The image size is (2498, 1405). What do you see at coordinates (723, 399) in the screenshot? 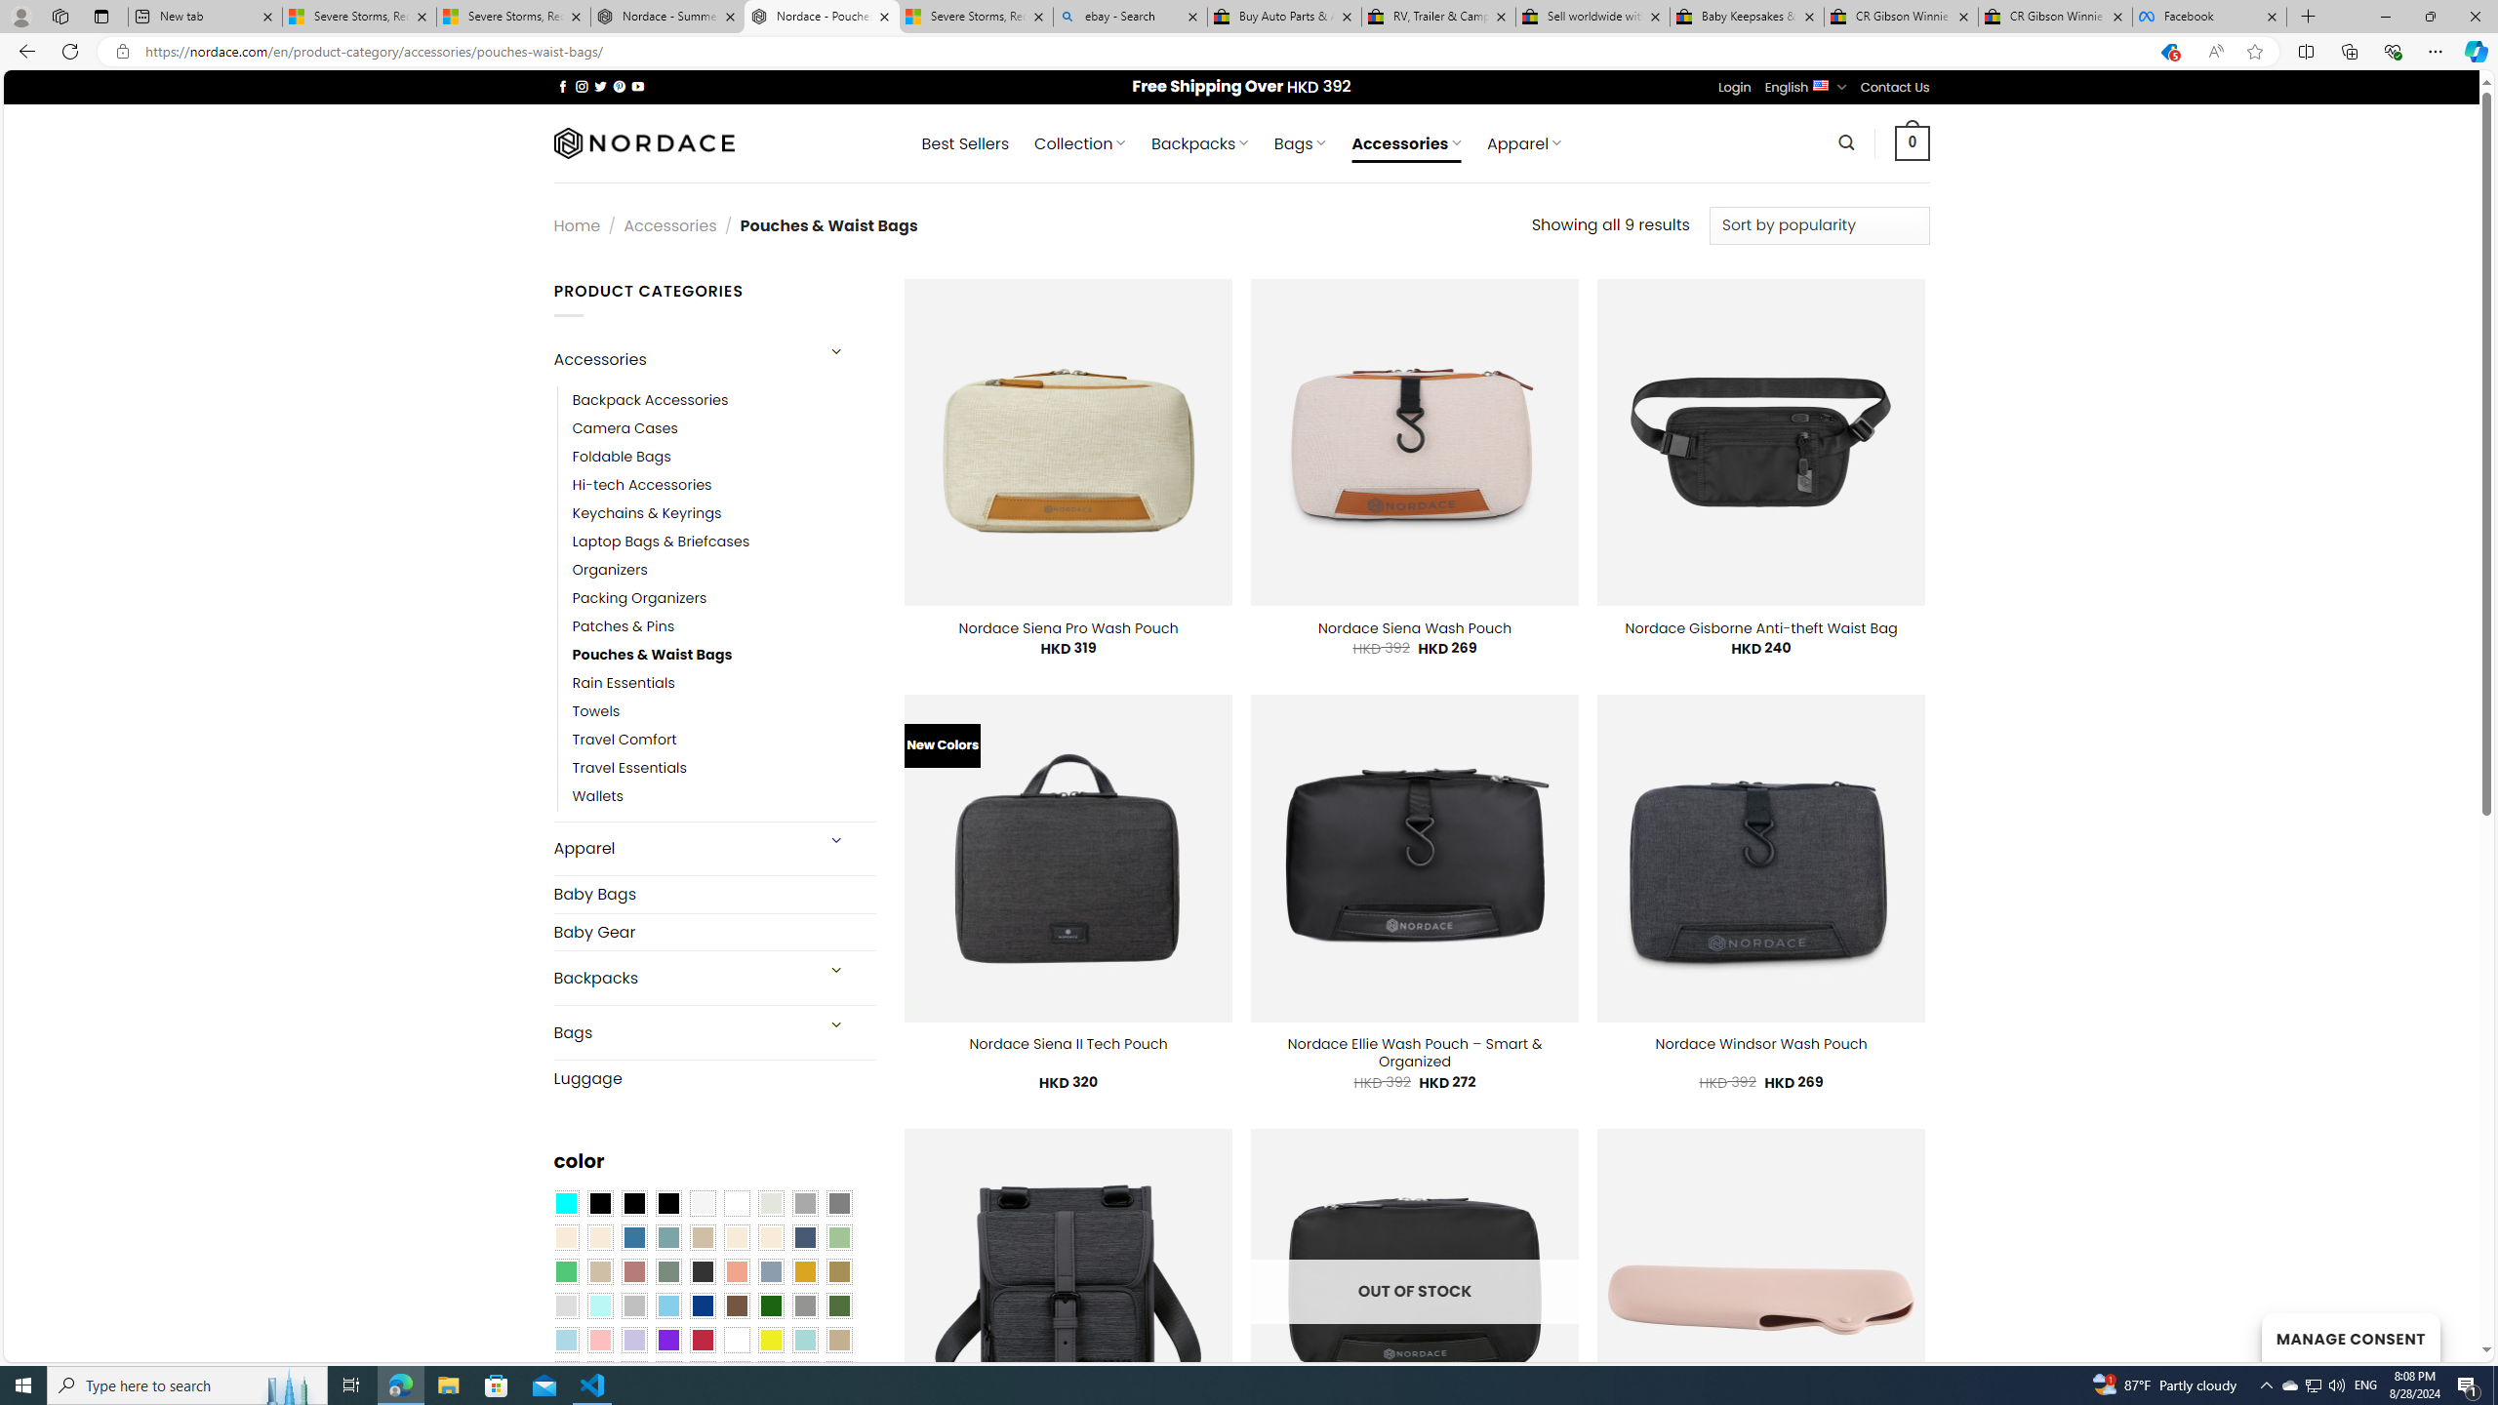
I see `'Backpack Accessories'` at bounding box center [723, 399].